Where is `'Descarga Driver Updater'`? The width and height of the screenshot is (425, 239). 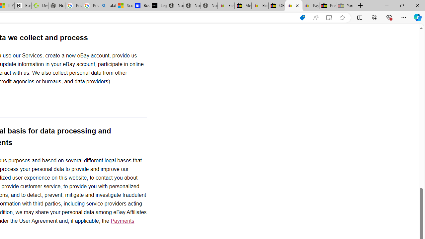 'Descarga Driver Updater' is located at coordinates (39, 6).